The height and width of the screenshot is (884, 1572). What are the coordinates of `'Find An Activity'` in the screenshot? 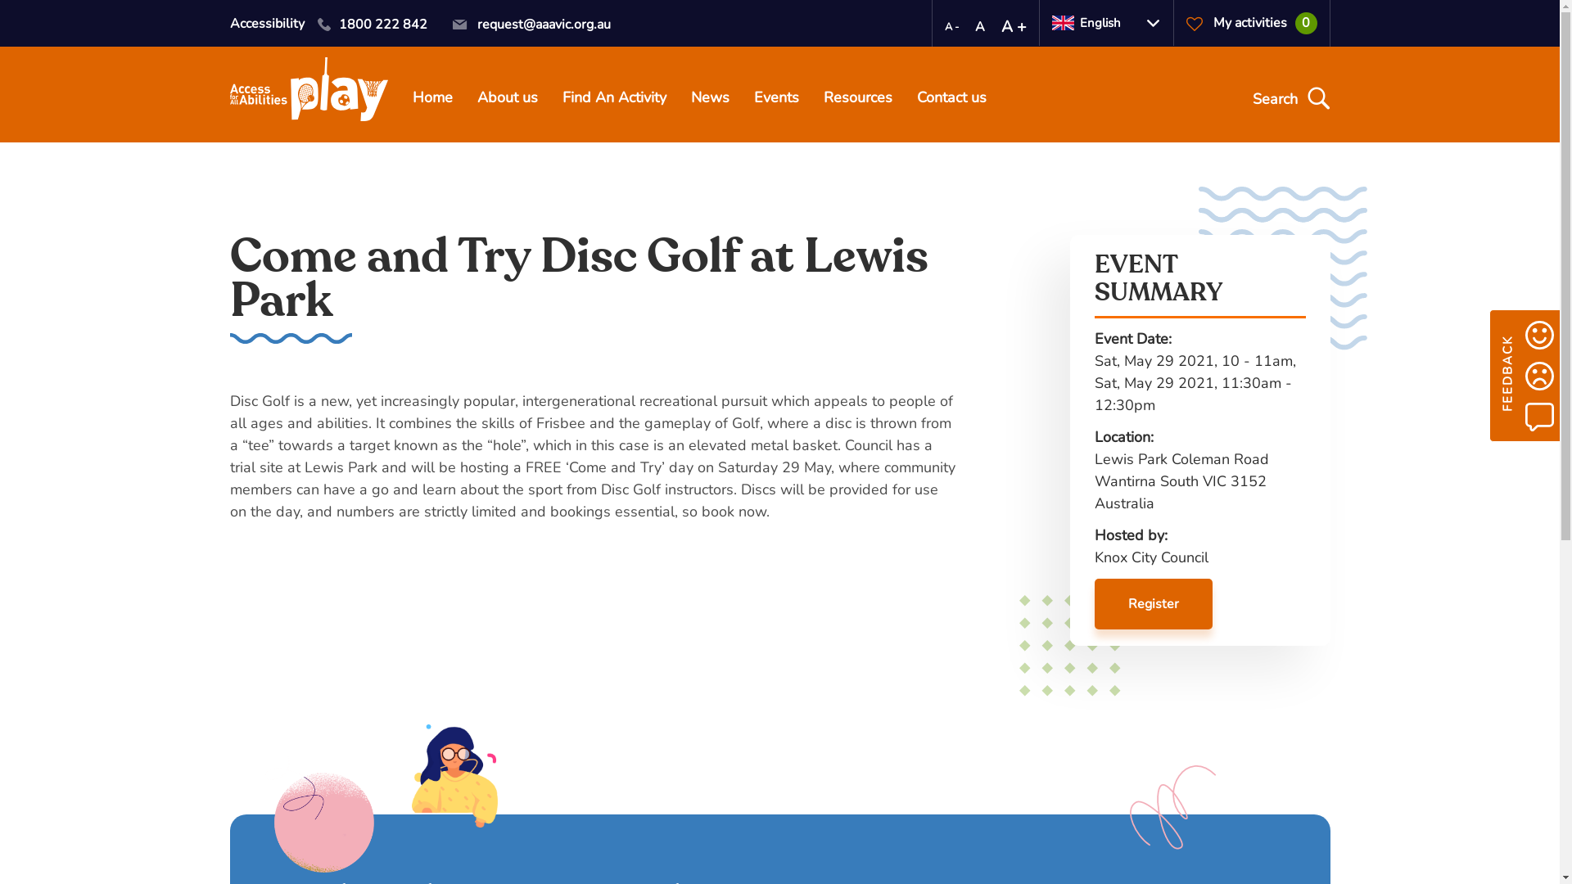 It's located at (612, 99).